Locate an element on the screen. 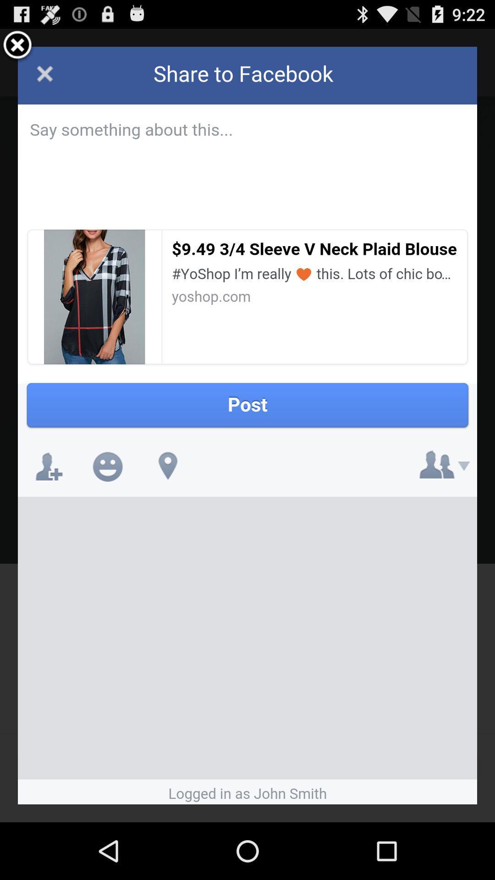 The height and width of the screenshot is (880, 495). screen is located at coordinates (17, 46).